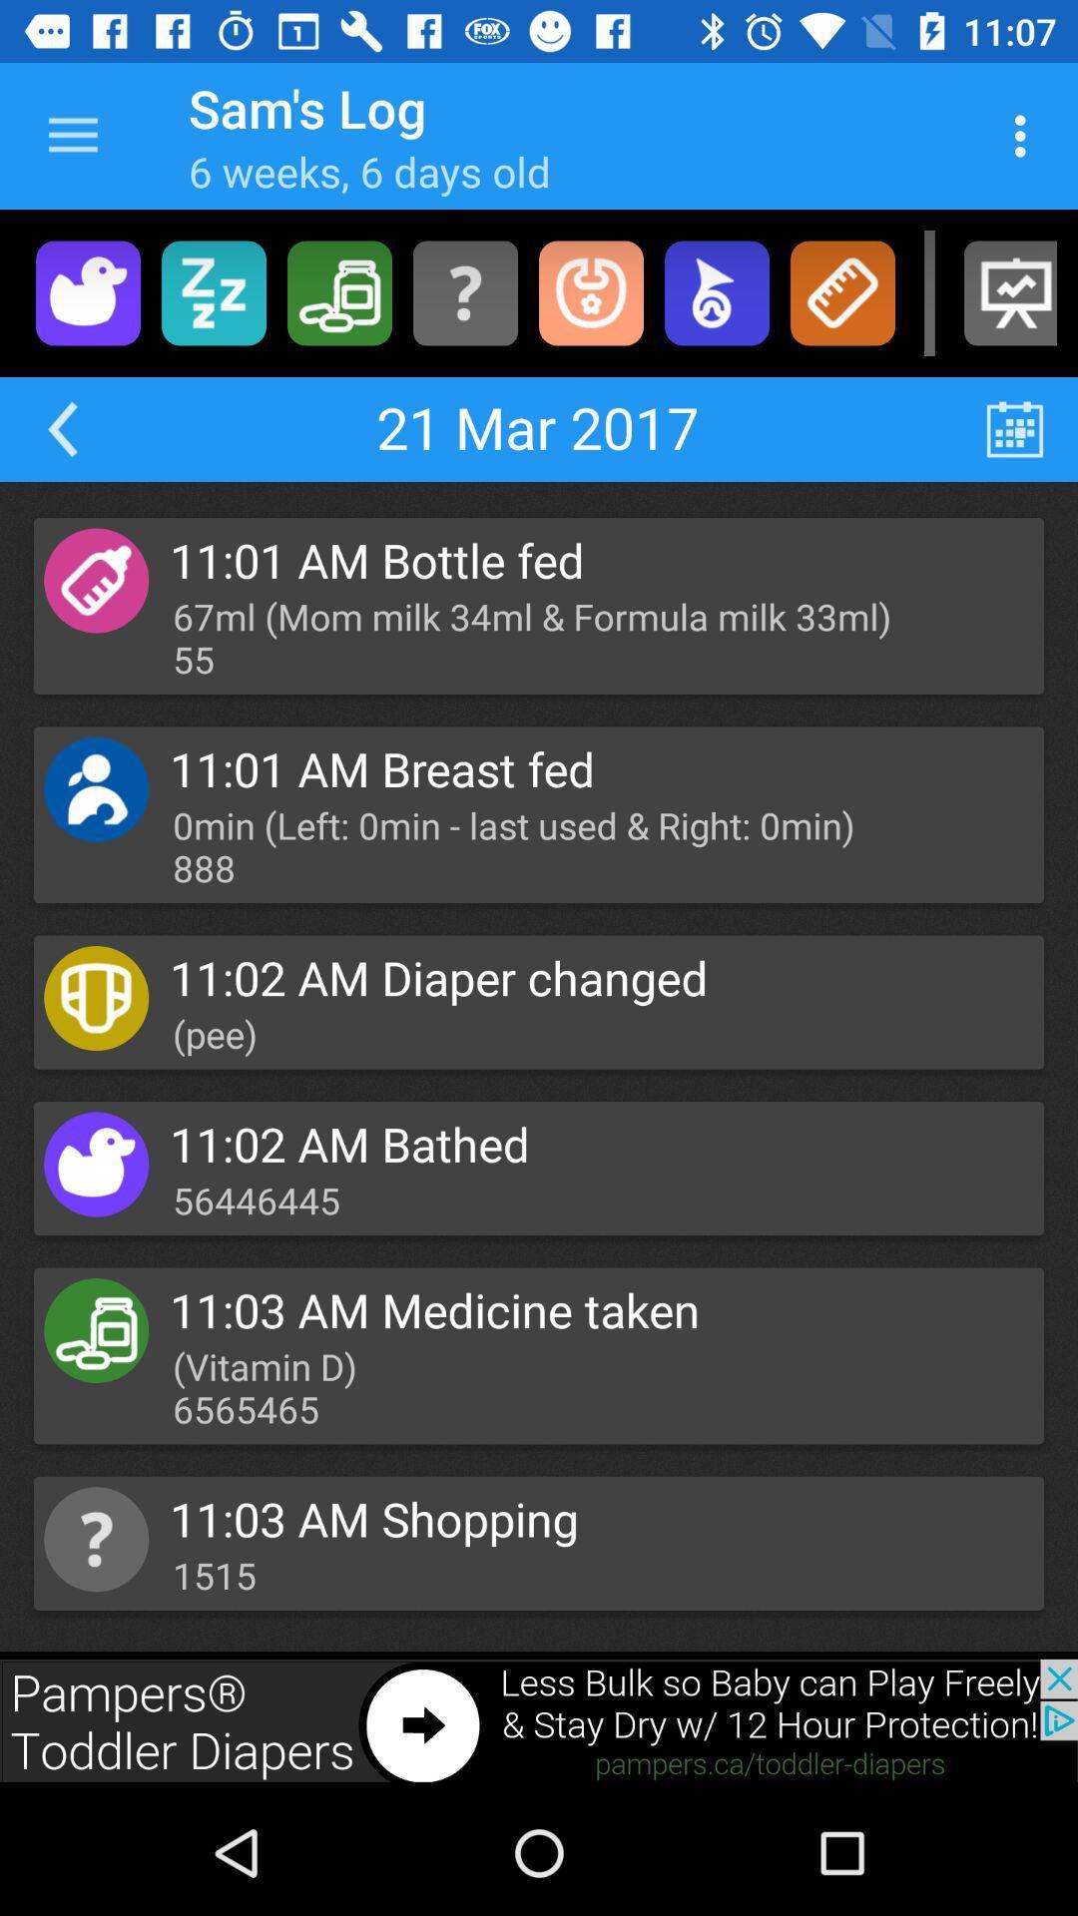 Image resolution: width=1078 pixels, height=1916 pixels. I want to click on the date_range icon, so click(1015, 428).